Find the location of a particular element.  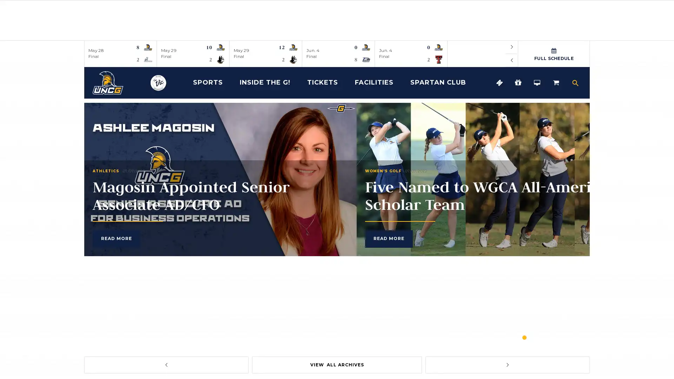

Navigate to slide 2 is located at coordinates (537, 337).